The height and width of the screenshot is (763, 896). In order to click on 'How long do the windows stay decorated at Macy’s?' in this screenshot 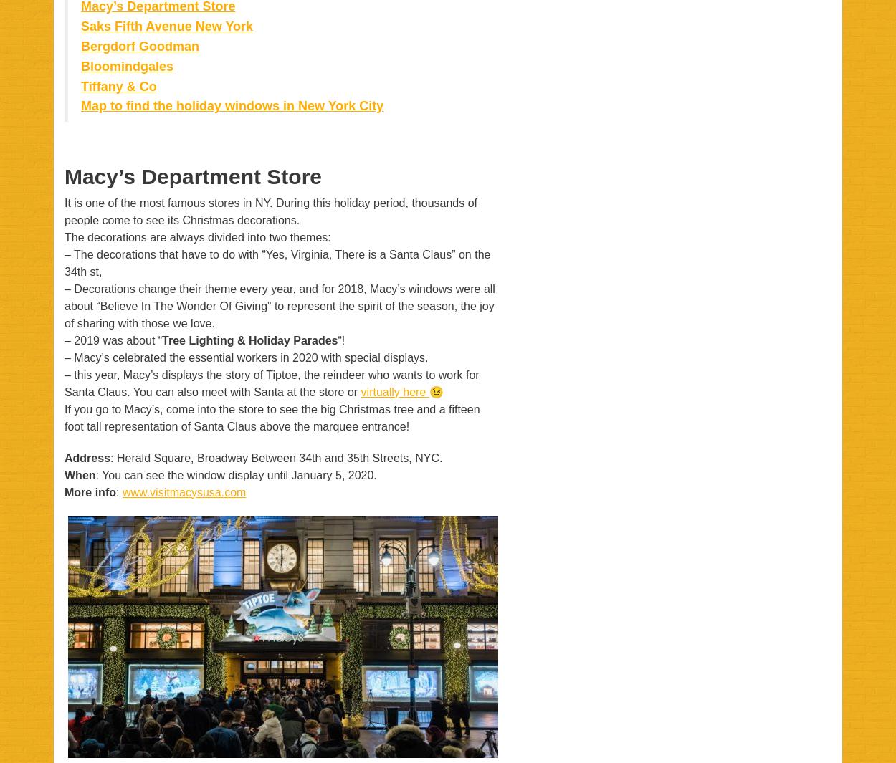, I will do `click(133, 373)`.